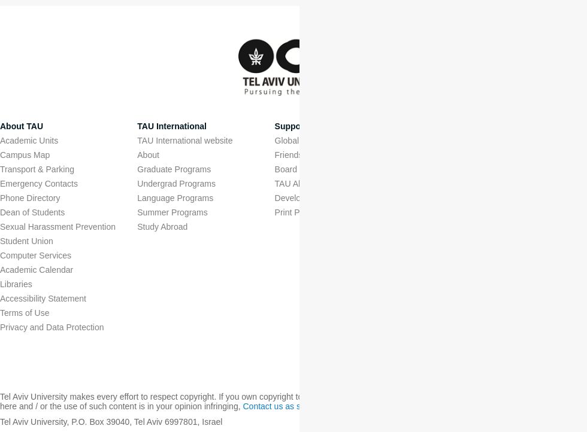 Image resolution: width=587 pixels, height=432 pixels. Describe the element at coordinates (24, 313) in the screenshot. I see `'Terms of Use'` at that location.